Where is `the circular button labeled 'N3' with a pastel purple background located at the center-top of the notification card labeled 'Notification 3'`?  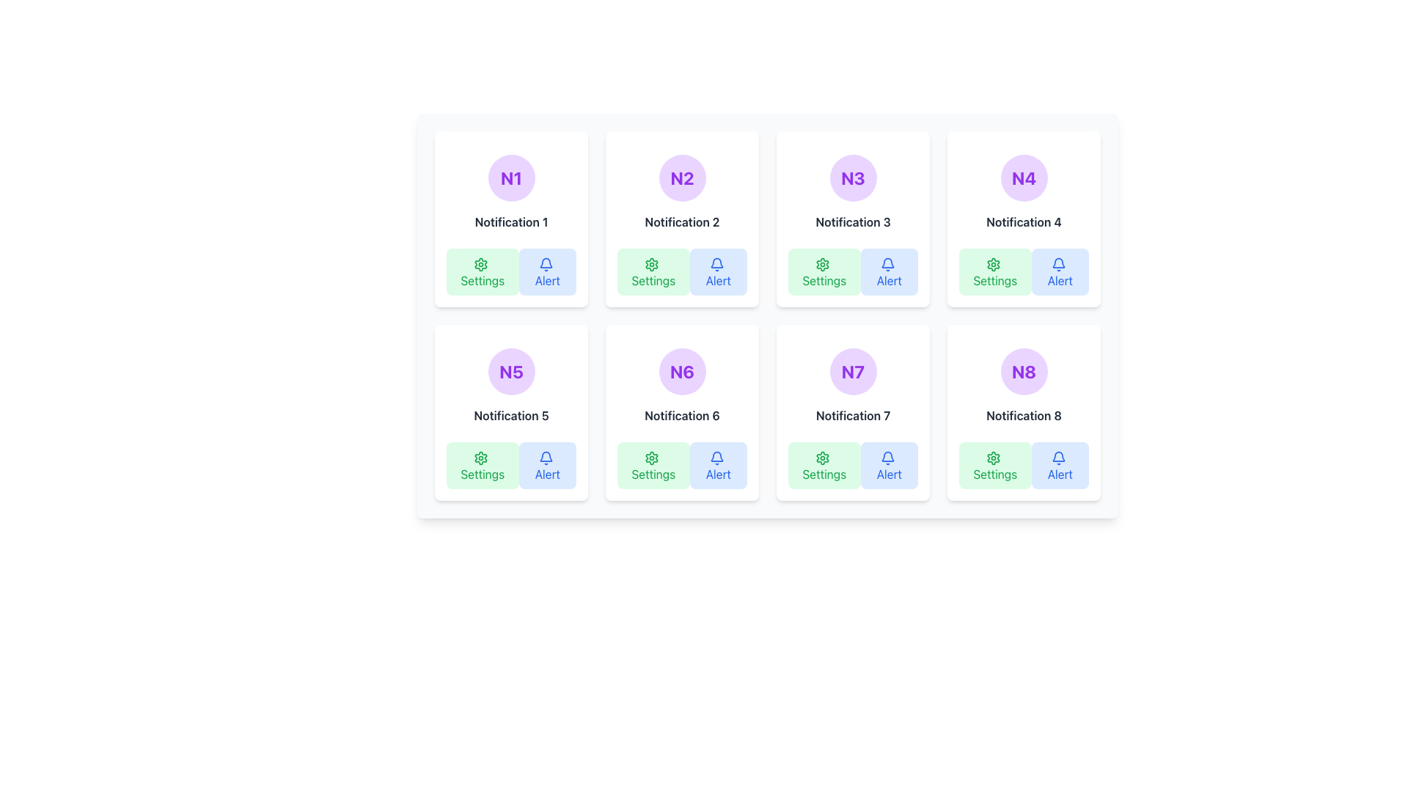 the circular button labeled 'N3' with a pastel purple background located at the center-top of the notification card labeled 'Notification 3' is located at coordinates (853, 177).